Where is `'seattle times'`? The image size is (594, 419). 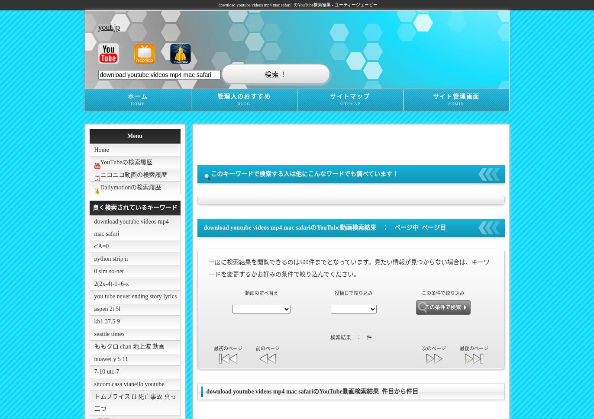 'seattle times' is located at coordinates (109, 333).